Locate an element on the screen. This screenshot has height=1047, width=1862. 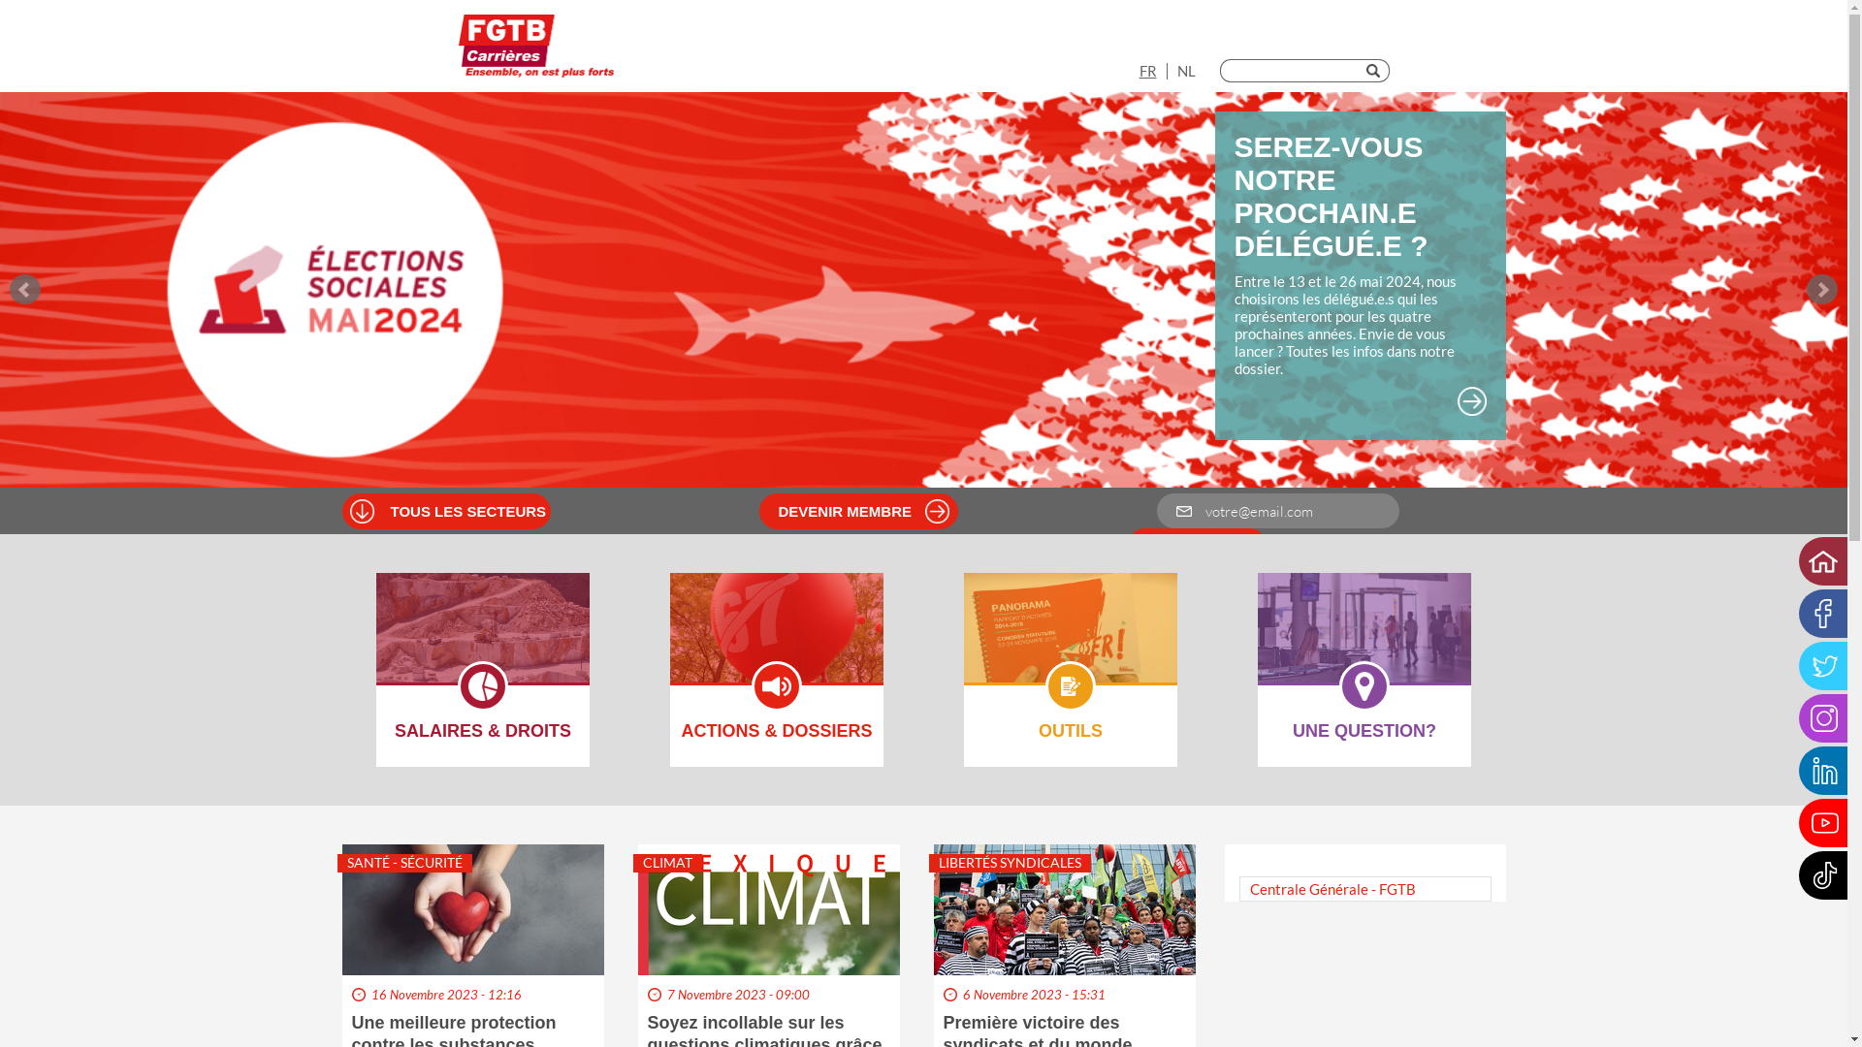
'Prev' is located at coordinates (9, 290).